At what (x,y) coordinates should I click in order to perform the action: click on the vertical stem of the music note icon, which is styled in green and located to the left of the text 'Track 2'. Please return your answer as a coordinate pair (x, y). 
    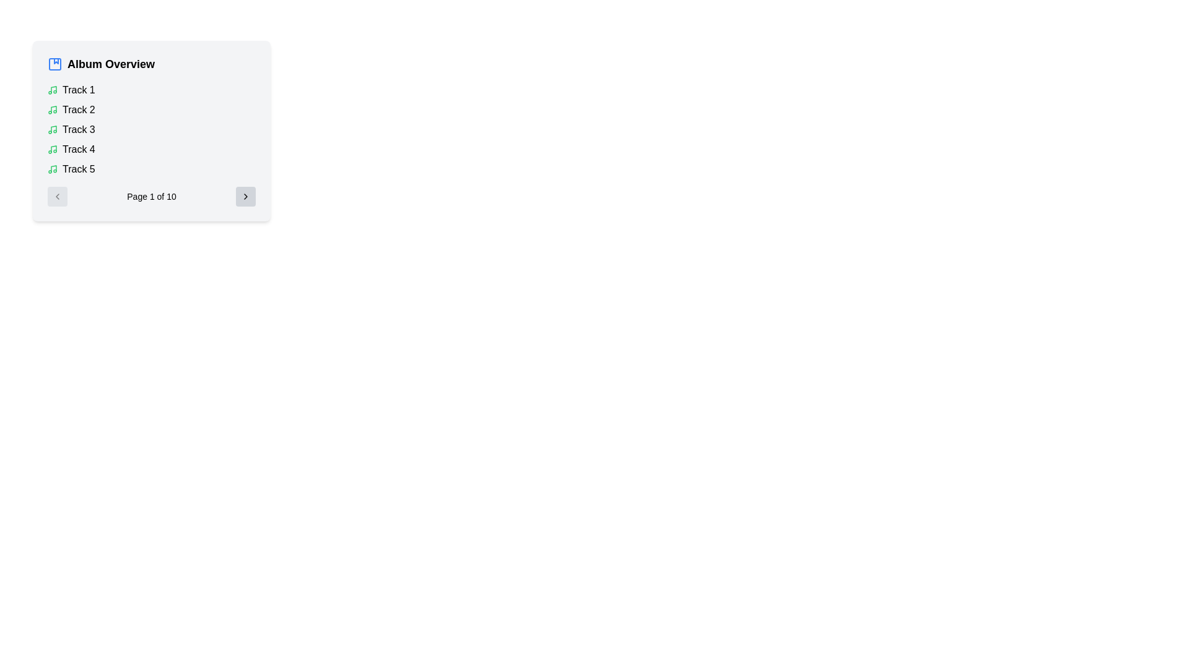
    Looking at the image, I should click on (53, 109).